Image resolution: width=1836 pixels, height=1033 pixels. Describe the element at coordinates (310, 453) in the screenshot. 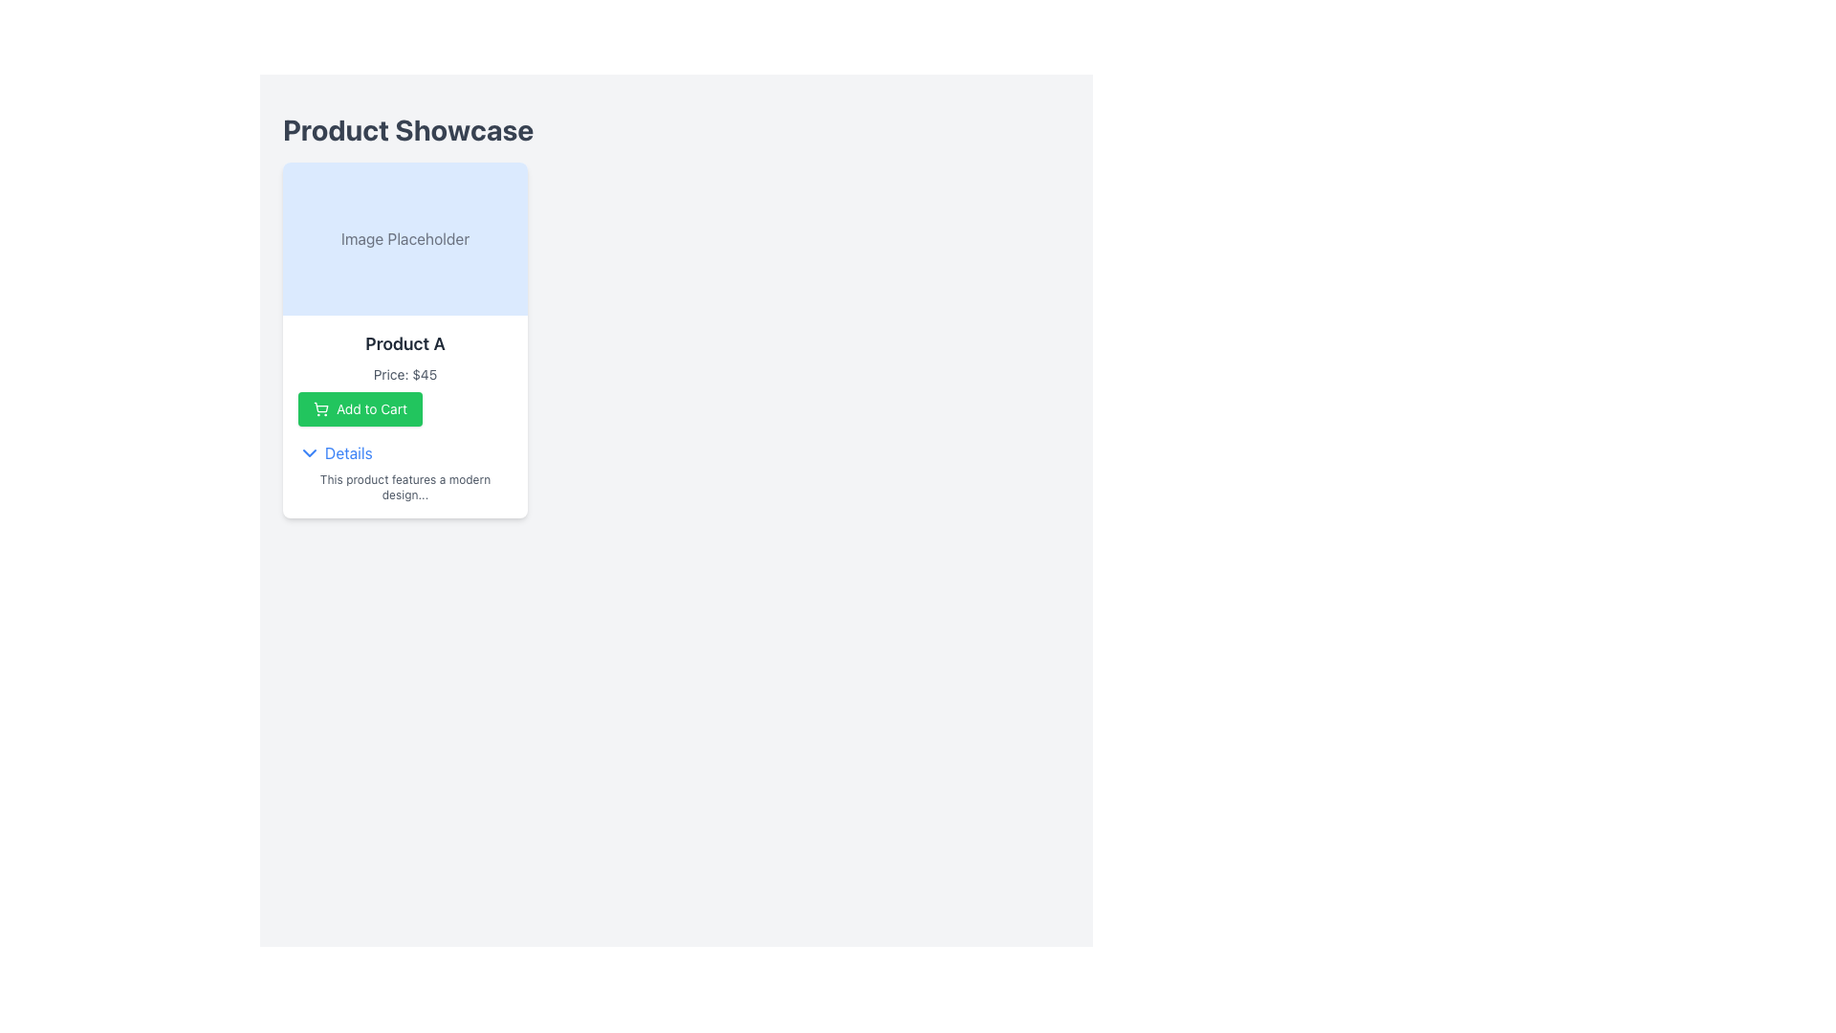

I see `the chevron-right icon` at that location.